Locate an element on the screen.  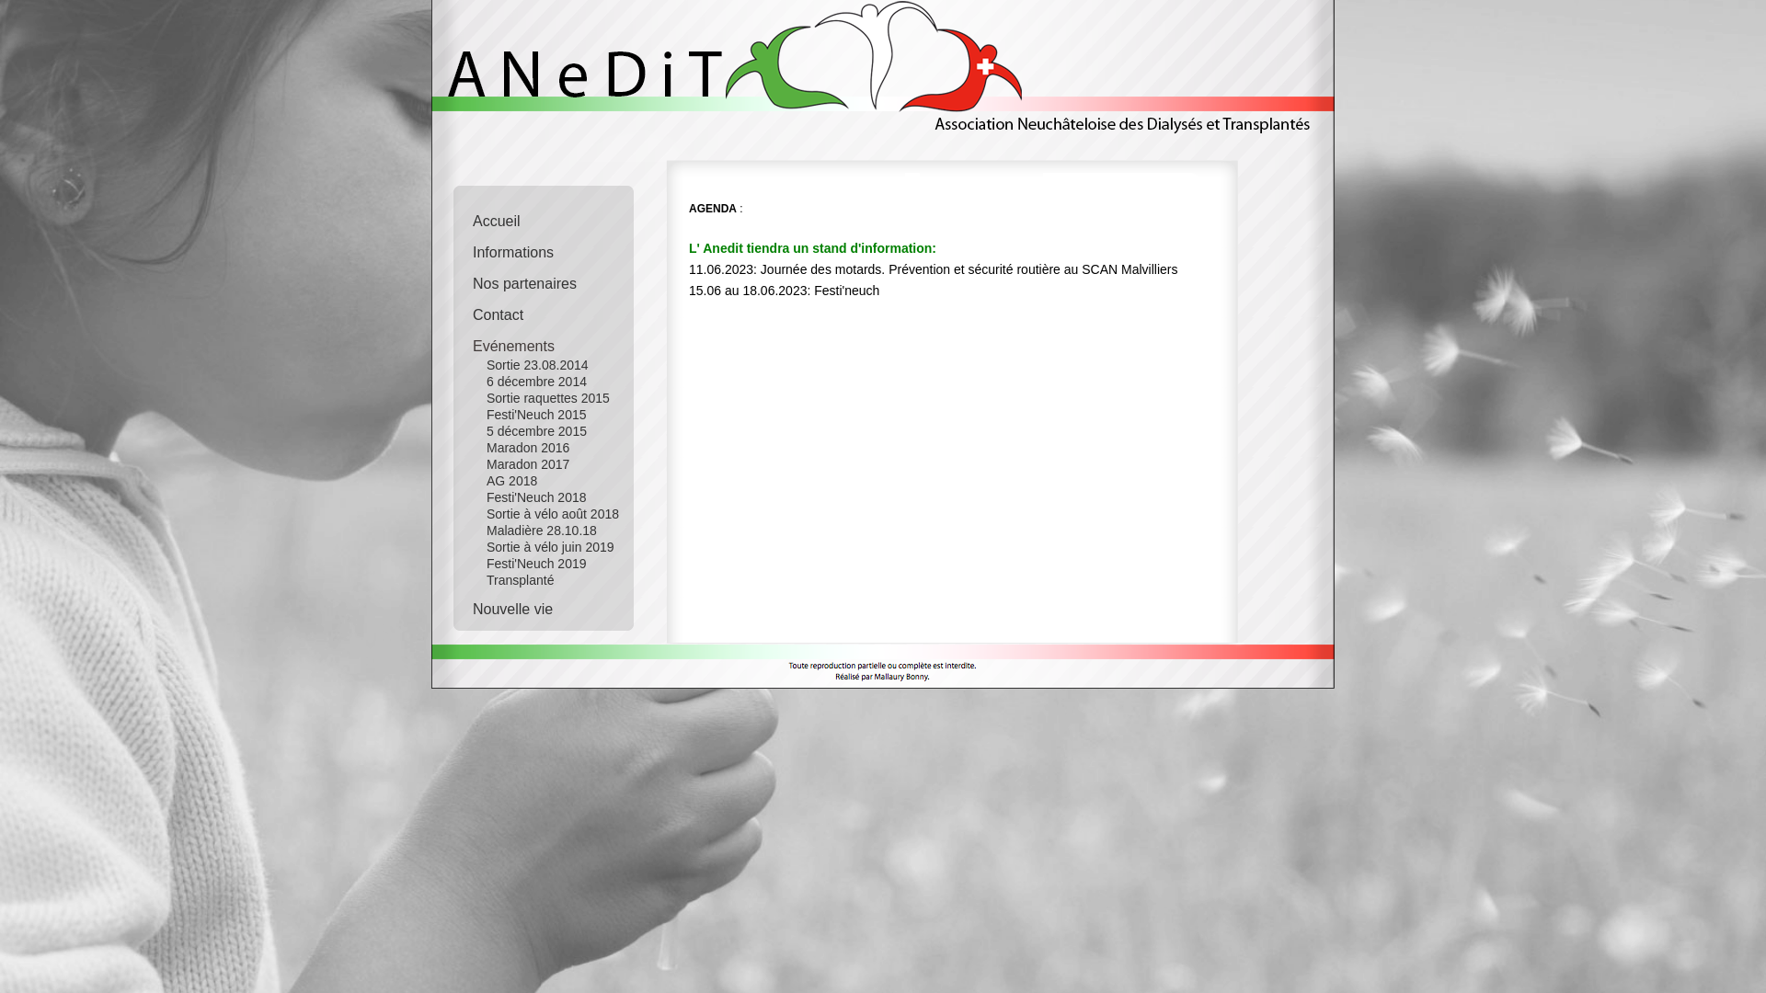
'Festi'Neuch 2018' is located at coordinates (541, 496).